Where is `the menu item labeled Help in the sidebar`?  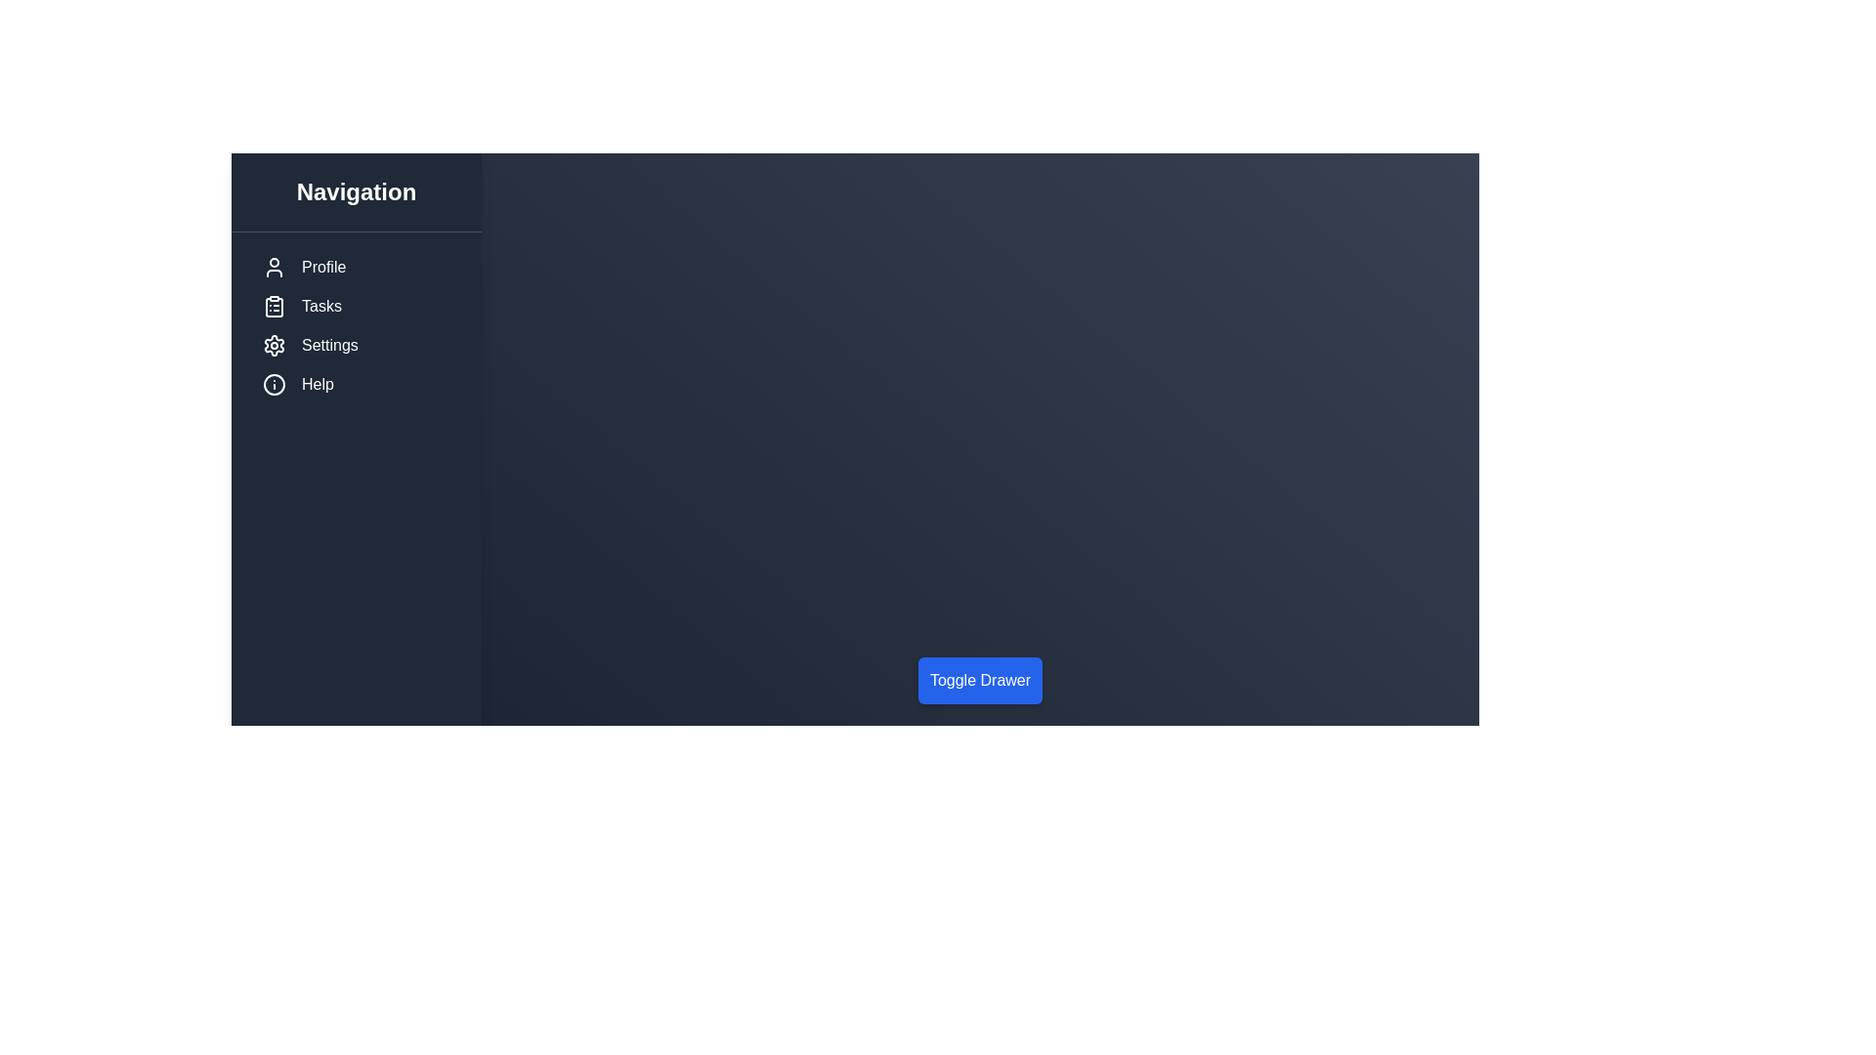 the menu item labeled Help in the sidebar is located at coordinates (356, 384).